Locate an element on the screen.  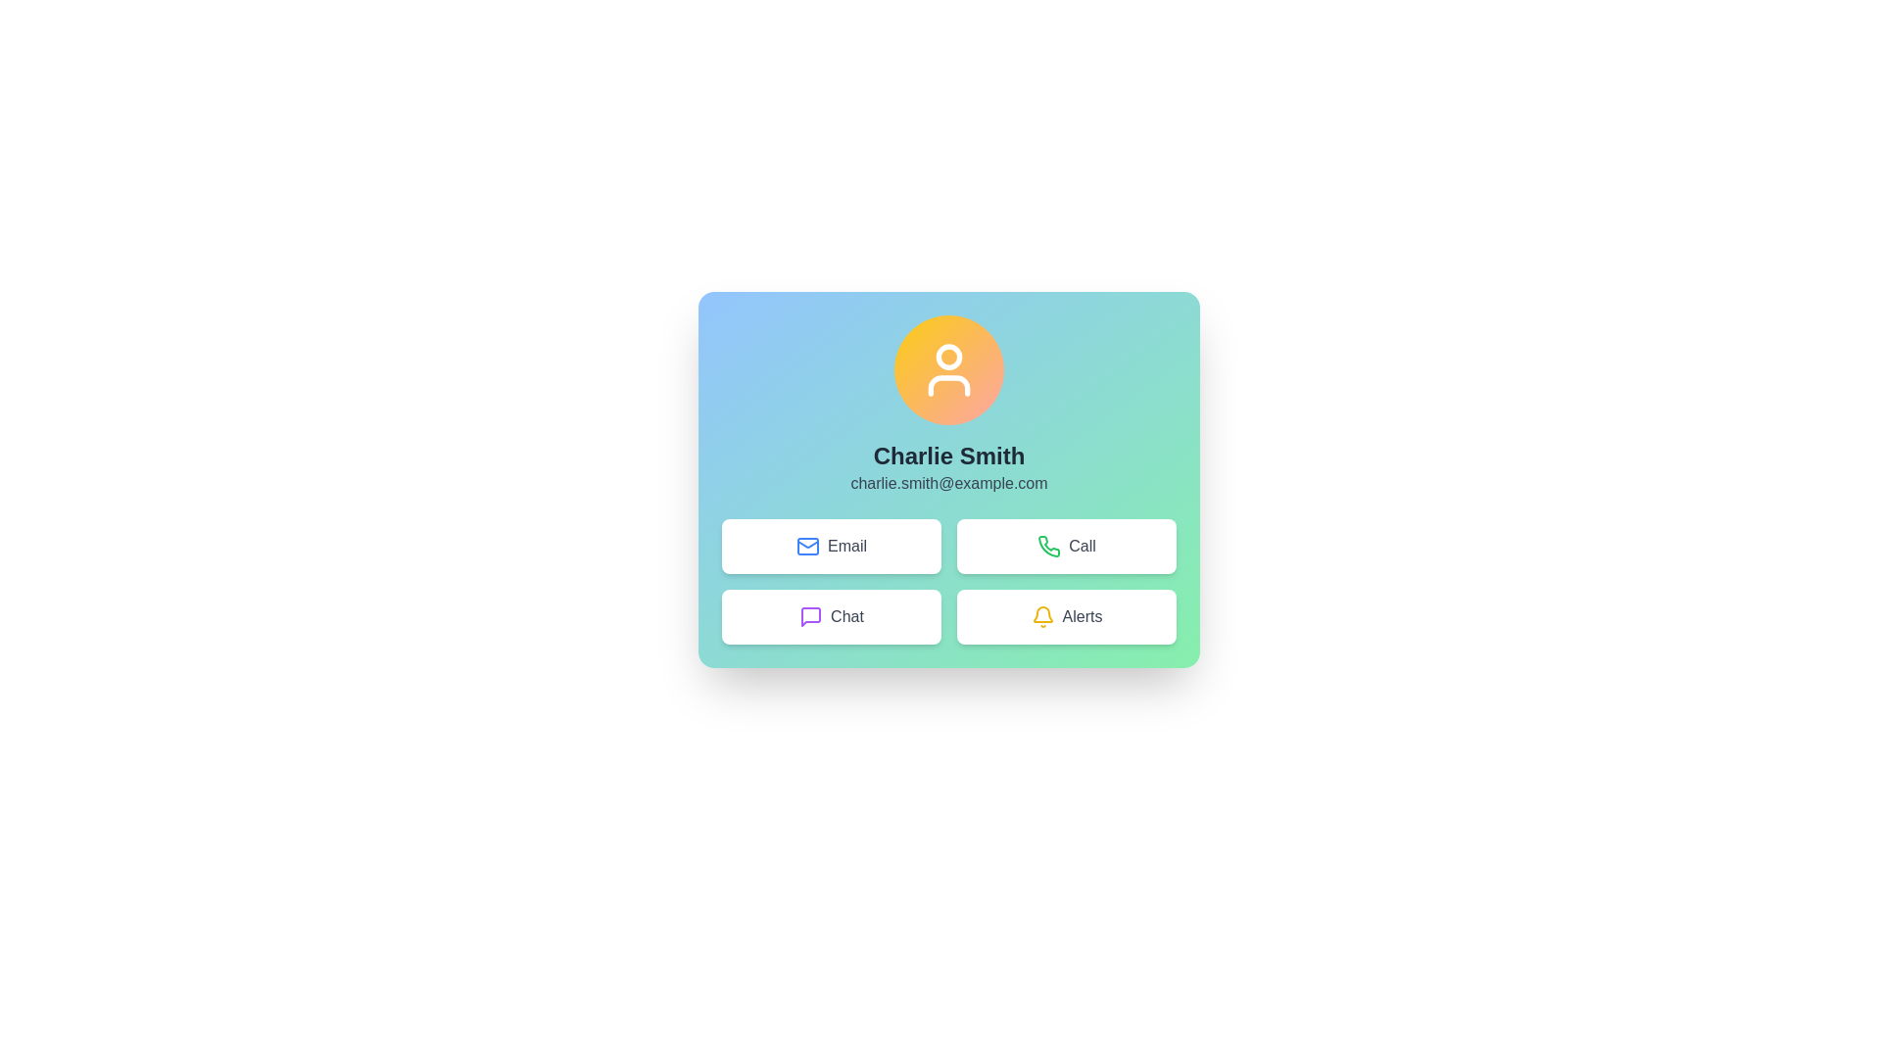
the email action icon located to the left of the 'Email' label within the top-left section of the grid is located at coordinates (808, 547).